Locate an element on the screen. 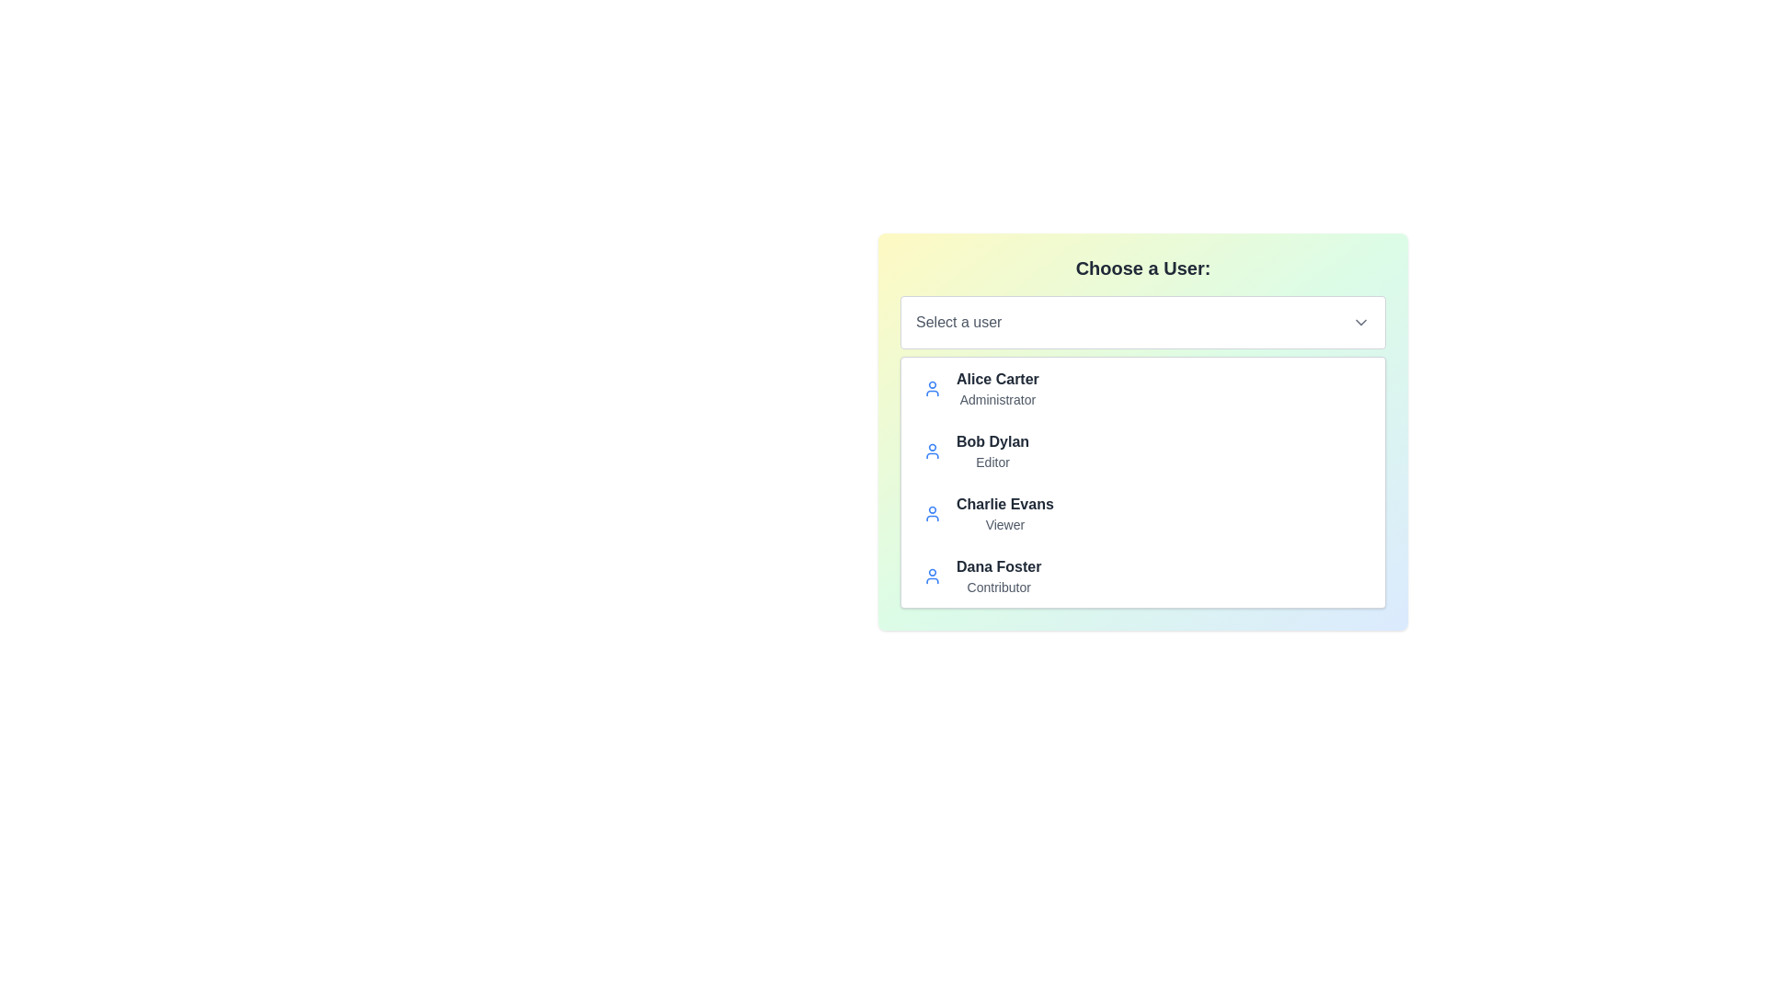  the user list item for 'Bob Dylan', the second entry in the user selection dropdown is located at coordinates (1142, 451).